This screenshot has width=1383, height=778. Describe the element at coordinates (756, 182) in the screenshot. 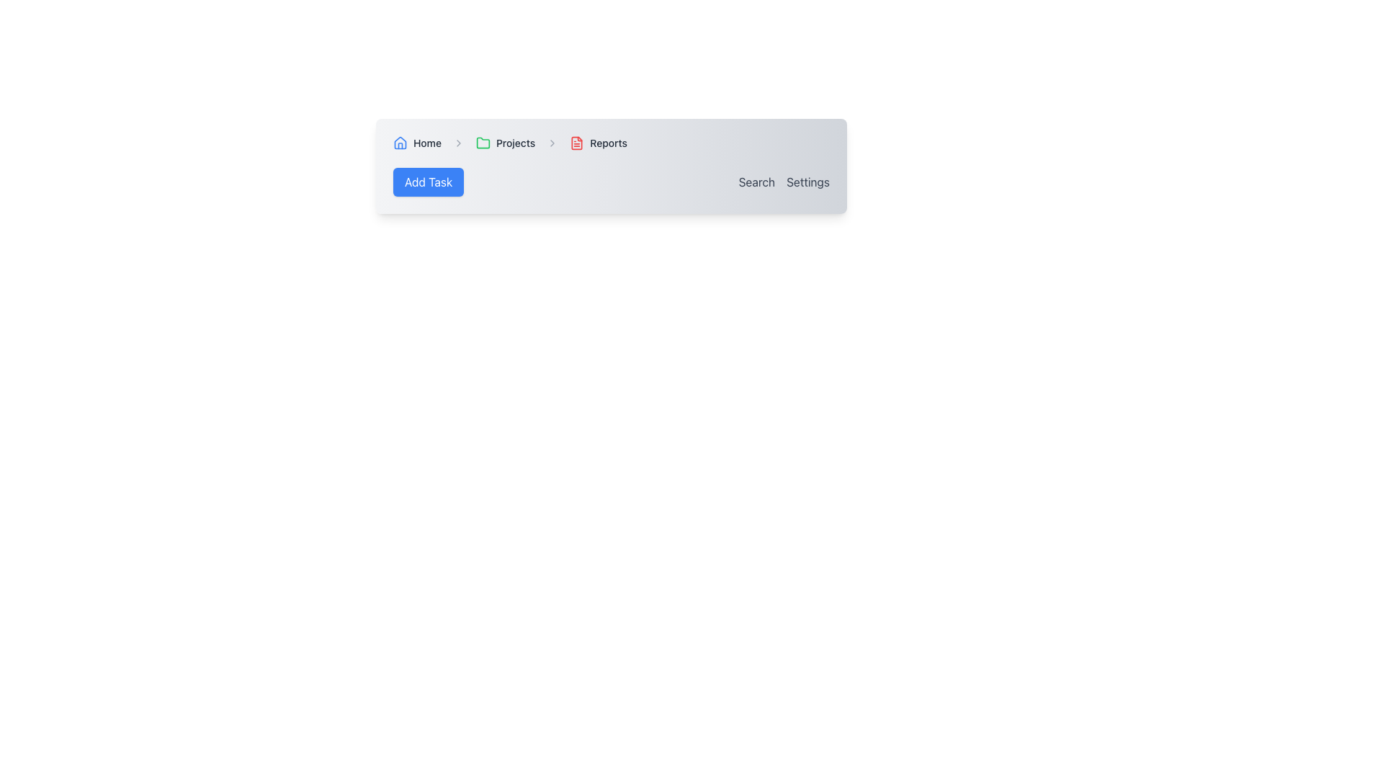

I see `the text link positioned to the left of the 'Settings' text element` at that location.